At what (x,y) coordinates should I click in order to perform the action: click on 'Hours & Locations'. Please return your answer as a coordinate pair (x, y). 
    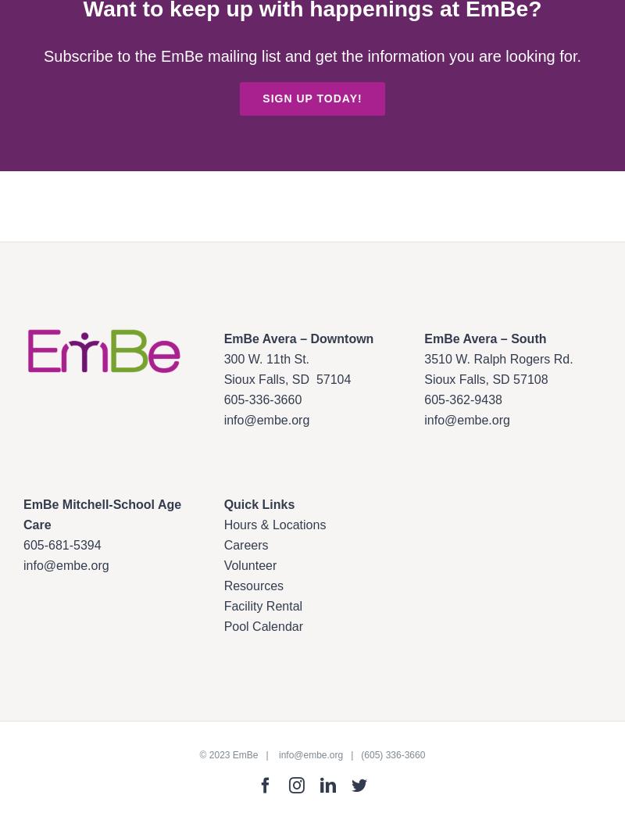
    Looking at the image, I should click on (223, 524).